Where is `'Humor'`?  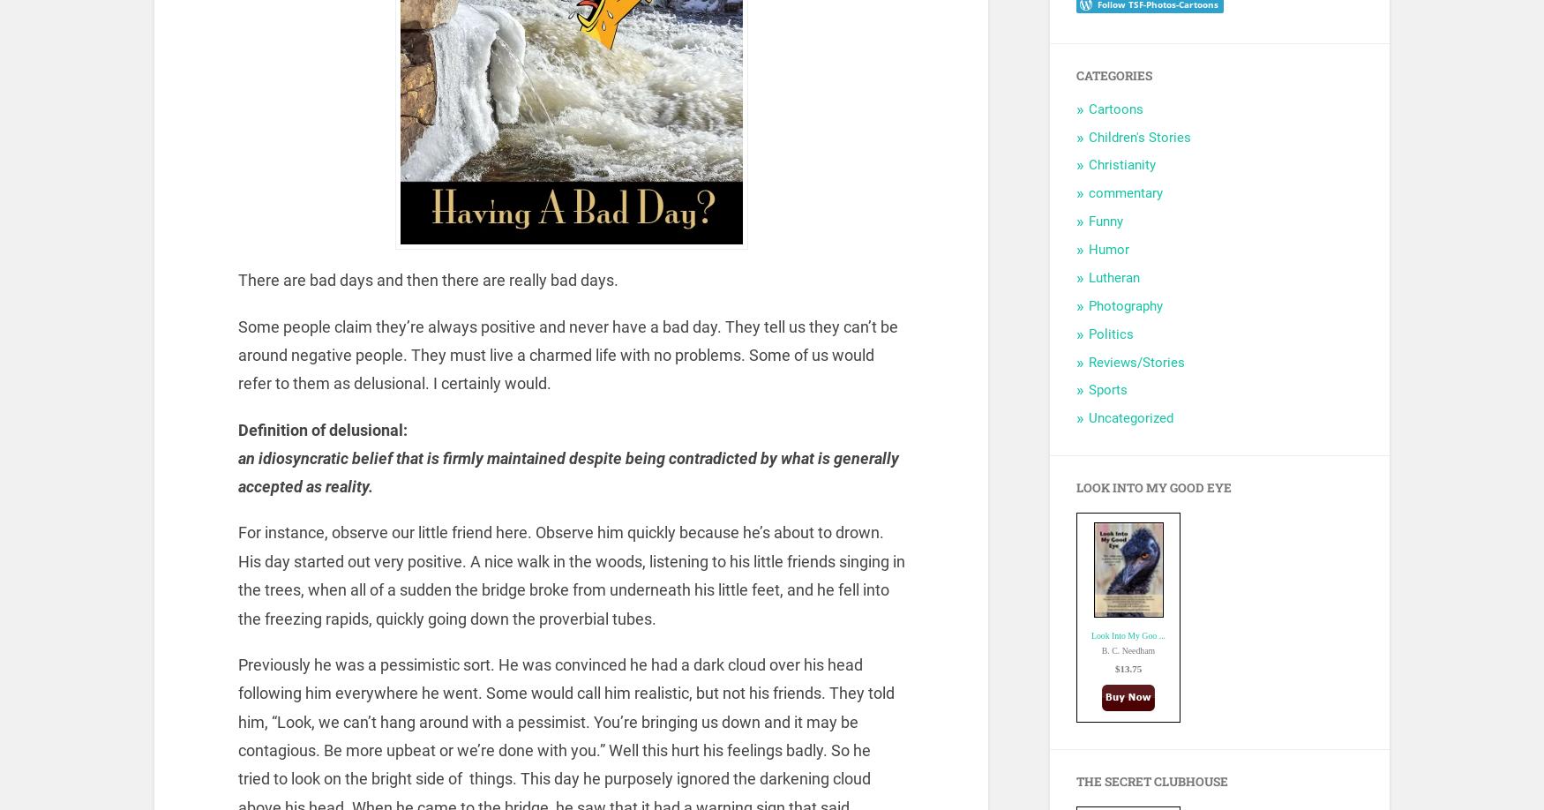
'Humor' is located at coordinates (1108, 249).